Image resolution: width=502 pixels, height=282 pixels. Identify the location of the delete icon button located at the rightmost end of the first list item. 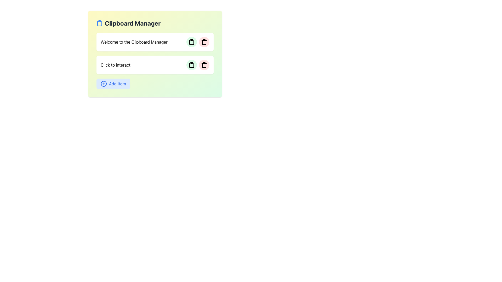
(204, 42).